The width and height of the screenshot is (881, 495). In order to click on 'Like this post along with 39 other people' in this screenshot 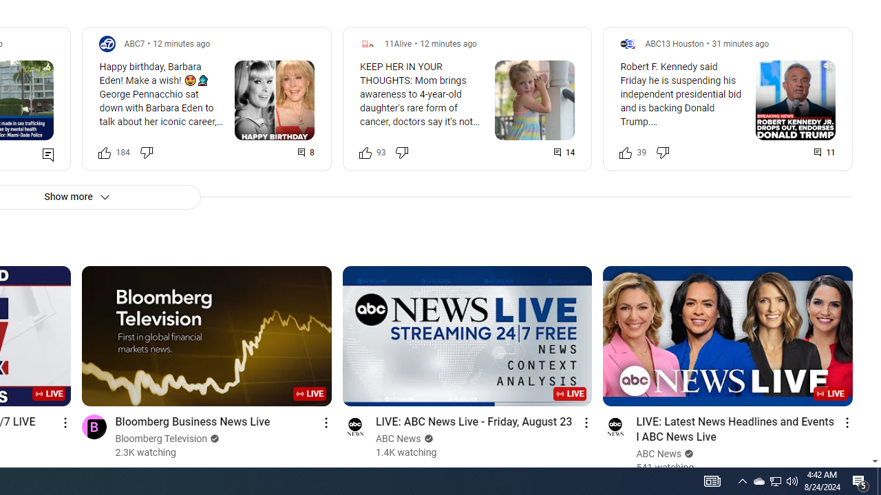, I will do `click(625, 152)`.